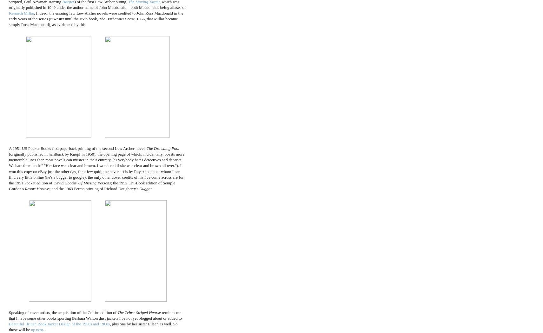 The height and width of the screenshot is (333, 543). Describe the element at coordinates (93, 326) in the screenshot. I see `', plus one by her sister Eileen as well. So those will be'` at that location.